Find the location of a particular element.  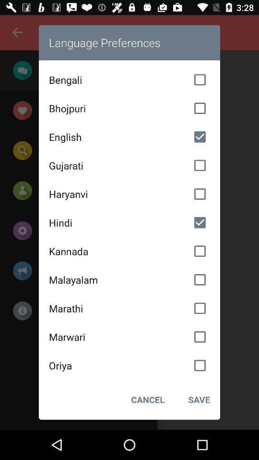

the icon below kannada is located at coordinates (129, 279).